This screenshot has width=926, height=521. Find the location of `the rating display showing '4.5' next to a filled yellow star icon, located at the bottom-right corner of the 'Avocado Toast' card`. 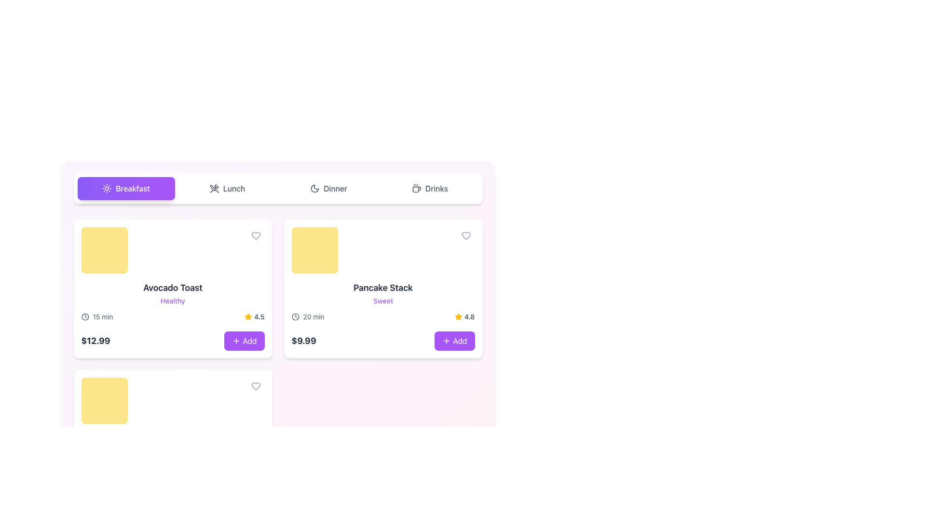

the rating display showing '4.5' next to a filled yellow star icon, located at the bottom-right corner of the 'Avocado Toast' card is located at coordinates (254, 316).